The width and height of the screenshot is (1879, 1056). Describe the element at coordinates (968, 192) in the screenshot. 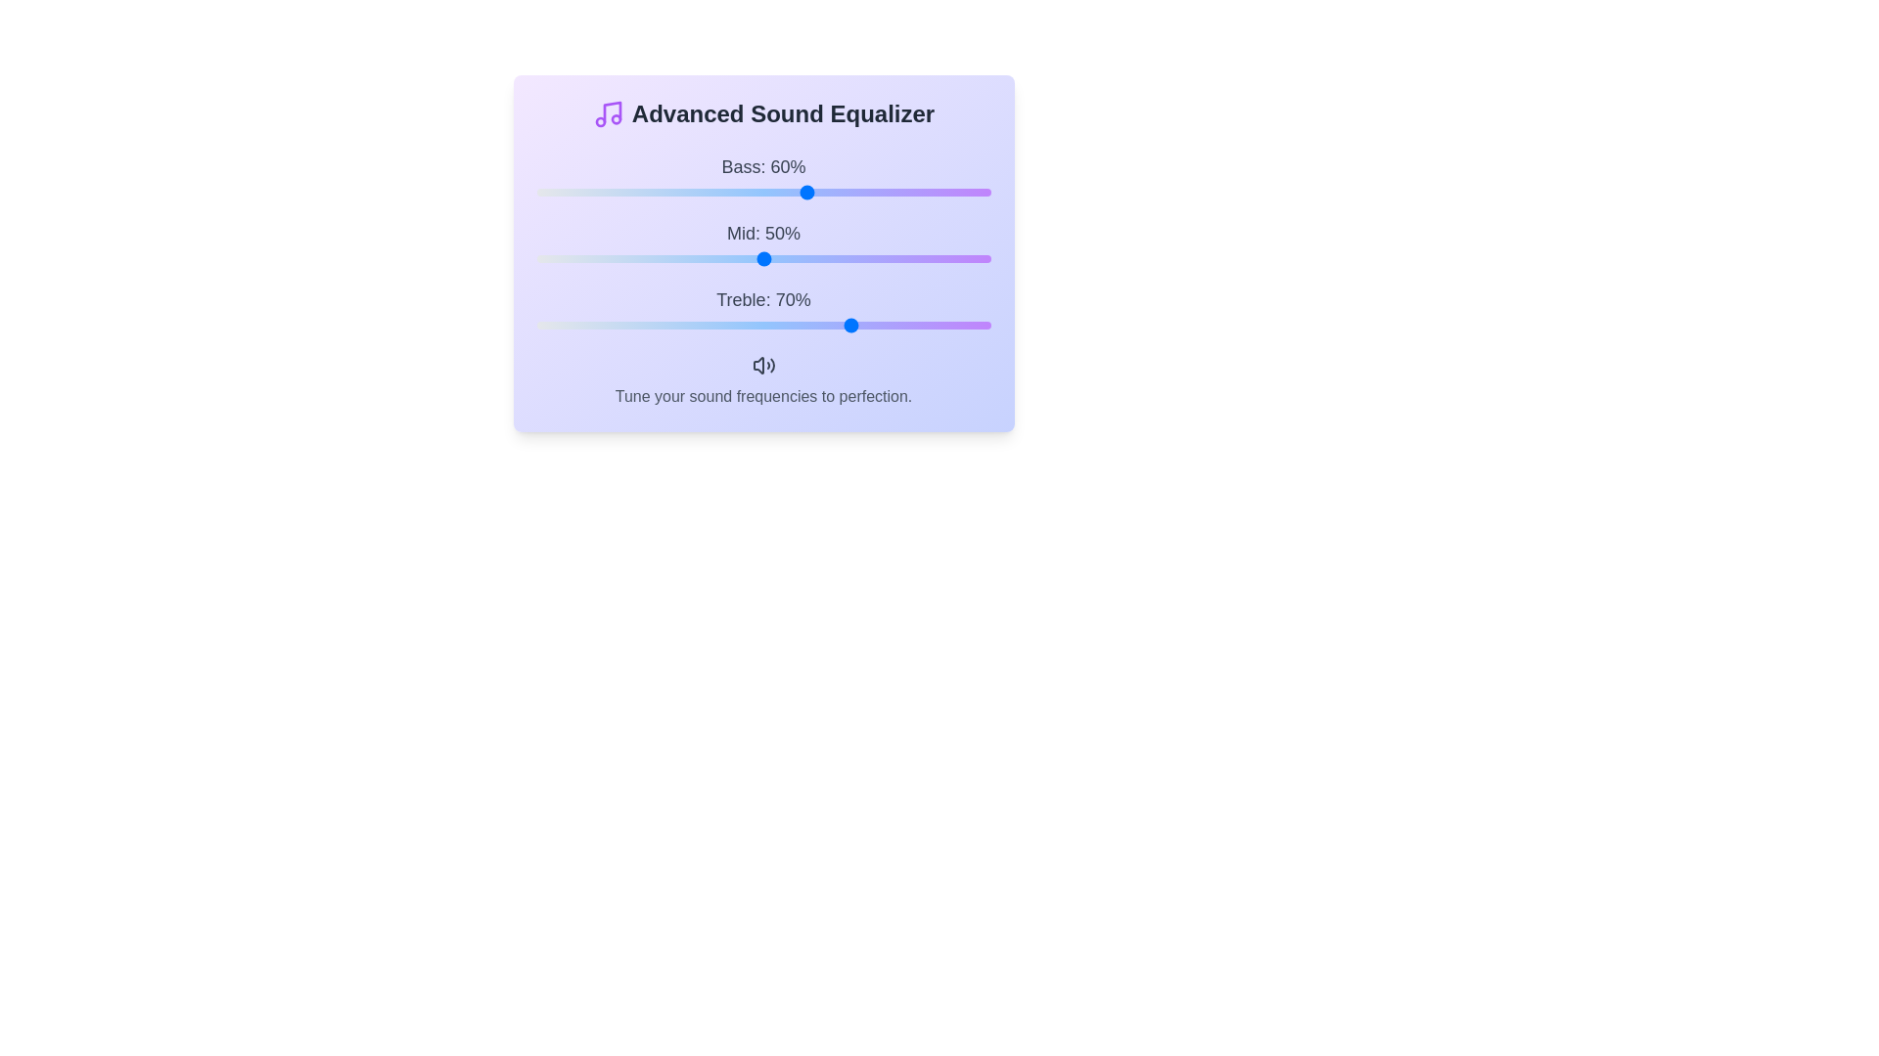

I see `the bass frequency slider to 95%` at that location.